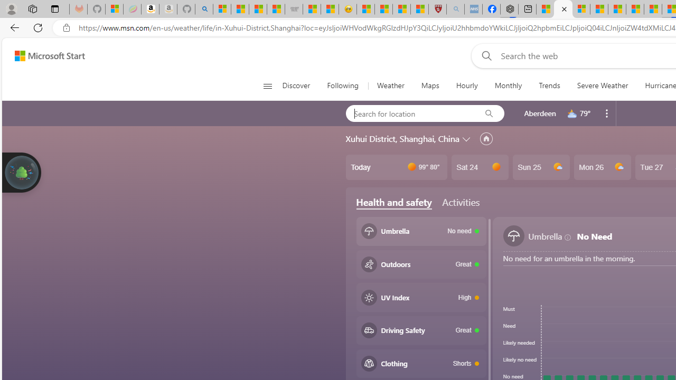 This screenshot has height=380, width=676. Describe the element at coordinates (467, 138) in the screenshot. I see `'Change location'` at that location.